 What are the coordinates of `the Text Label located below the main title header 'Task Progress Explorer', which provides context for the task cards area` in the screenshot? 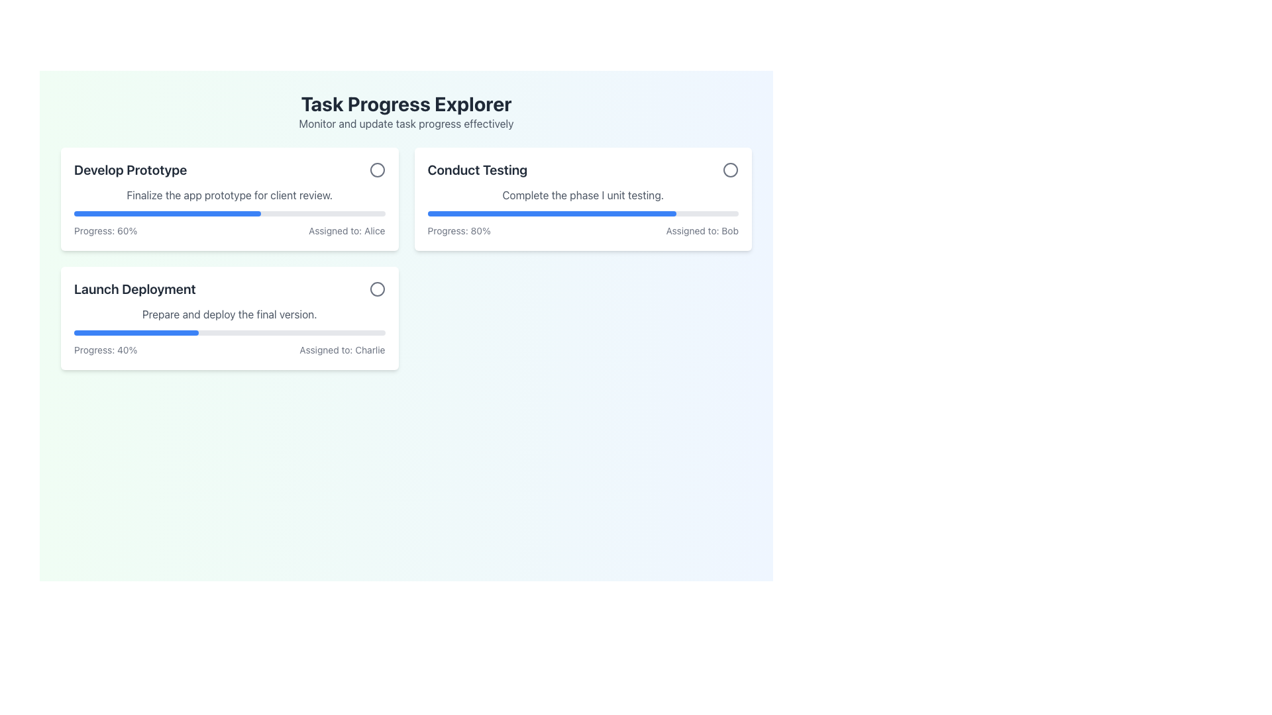 It's located at (405, 123).